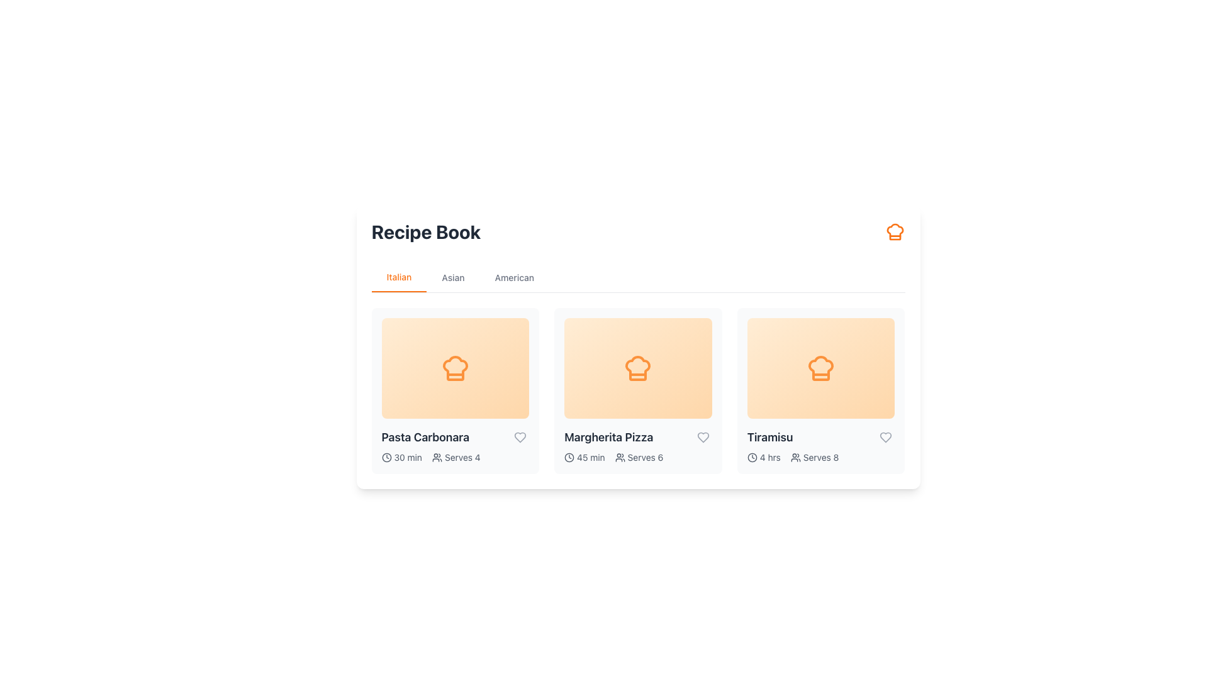 The width and height of the screenshot is (1208, 679). Describe the element at coordinates (569, 458) in the screenshot. I see `the small, circular clock icon located on the 'Margherita Pizza' card under the 'Italian' category, positioned in the bottom-left corner preceding the text '45 min'` at that location.